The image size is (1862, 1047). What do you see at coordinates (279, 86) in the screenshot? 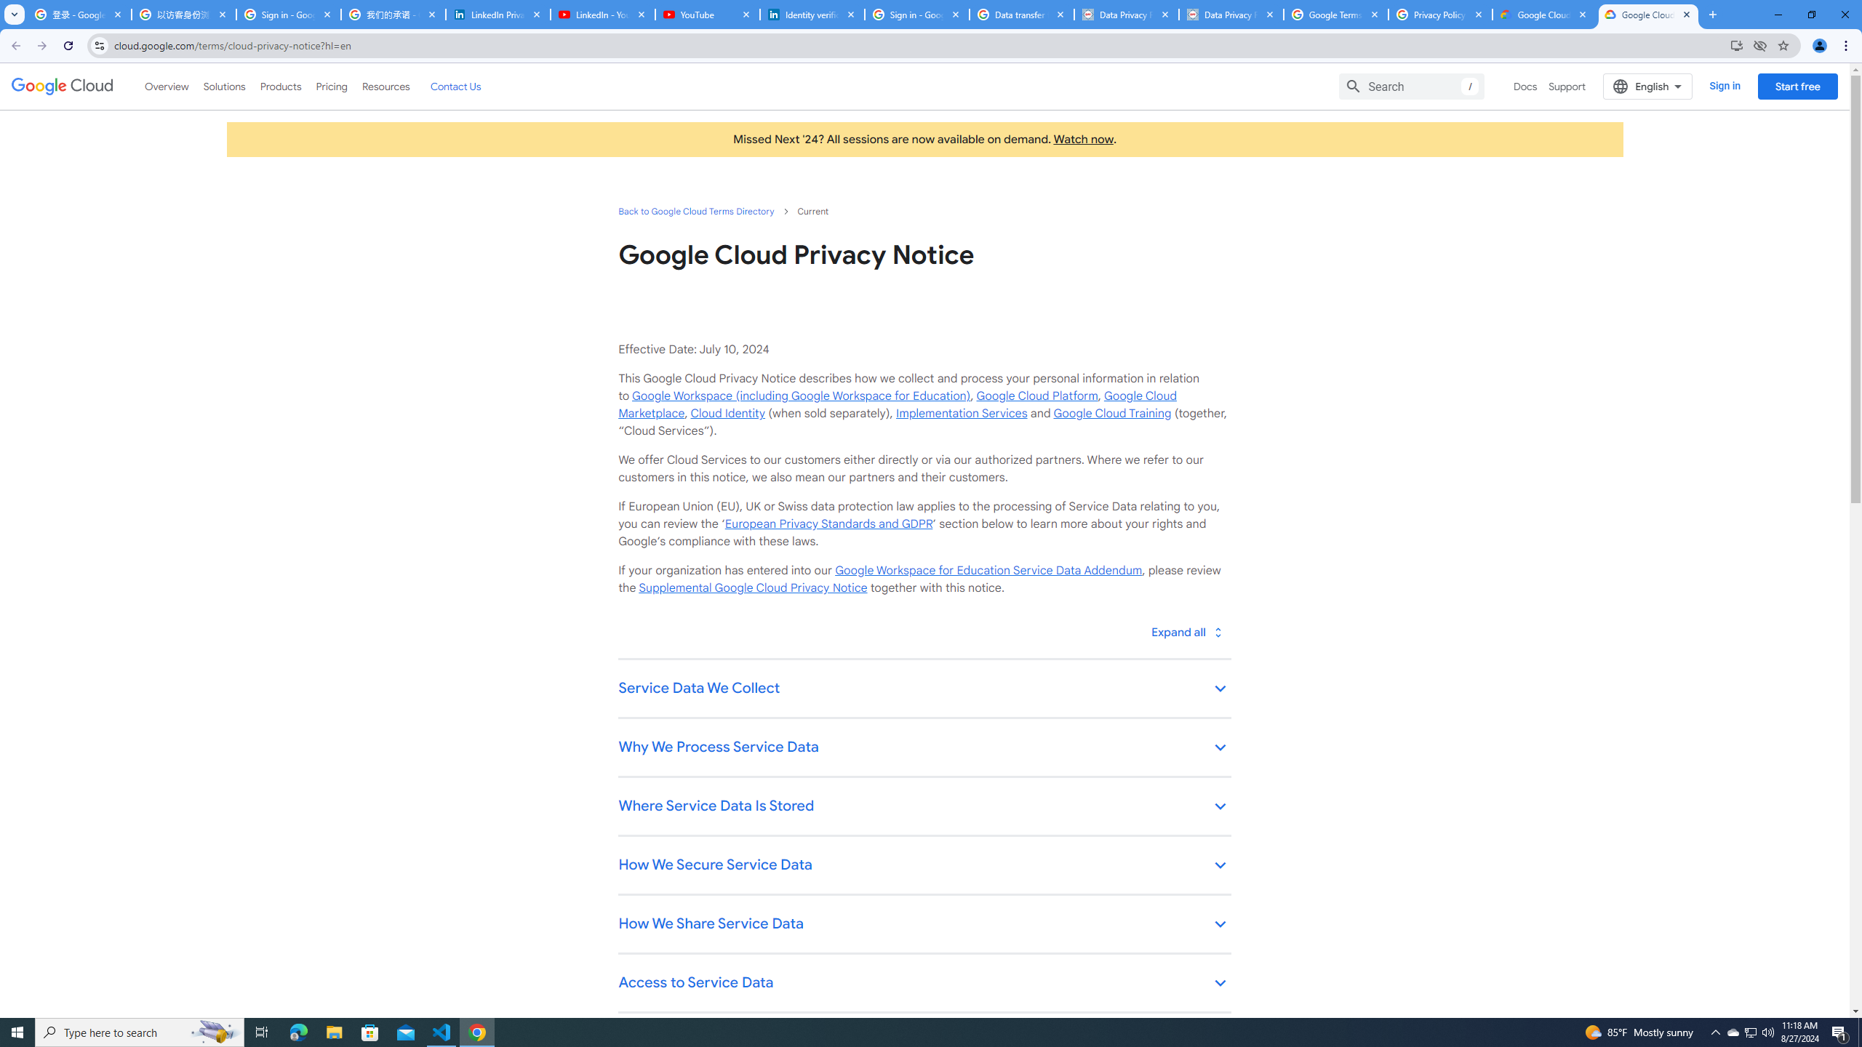
I see `'Products'` at bounding box center [279, 86].